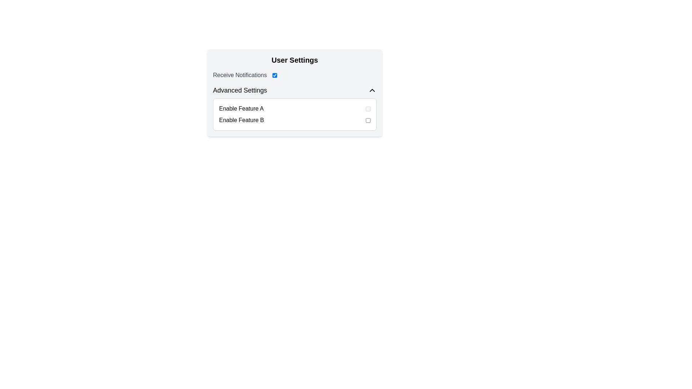 This screenshot has height=389, width=692. What do you see at coordinates (294, 108) in the screenshot?
I see `the toggle switch` at bounding box center [294, 108].